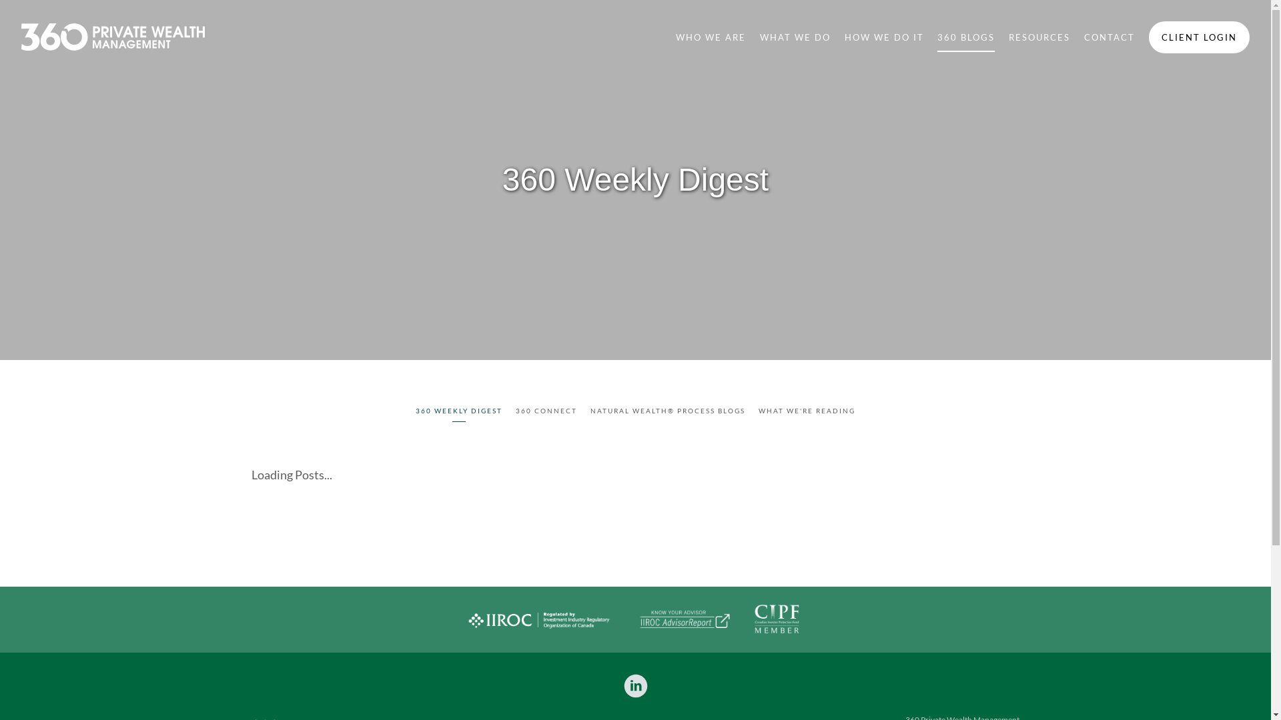 The width and height of the screenshot is (1281, 720). I want to click on 'WHAT WE DO', so click(795, 36).